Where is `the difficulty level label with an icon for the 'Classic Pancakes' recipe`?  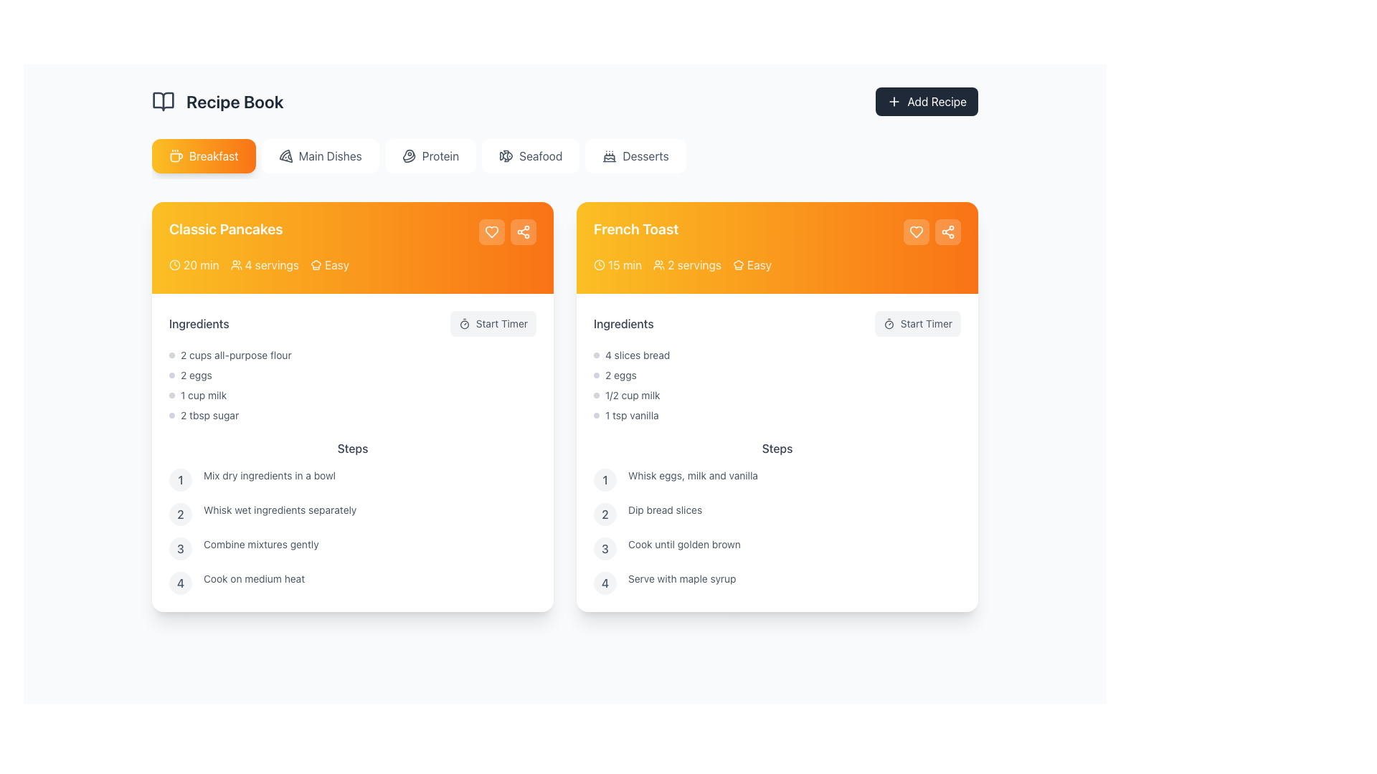
the difficulty level label with an icon for the 'Classic Pancakes' recipe is located at coordinates (329, 265).